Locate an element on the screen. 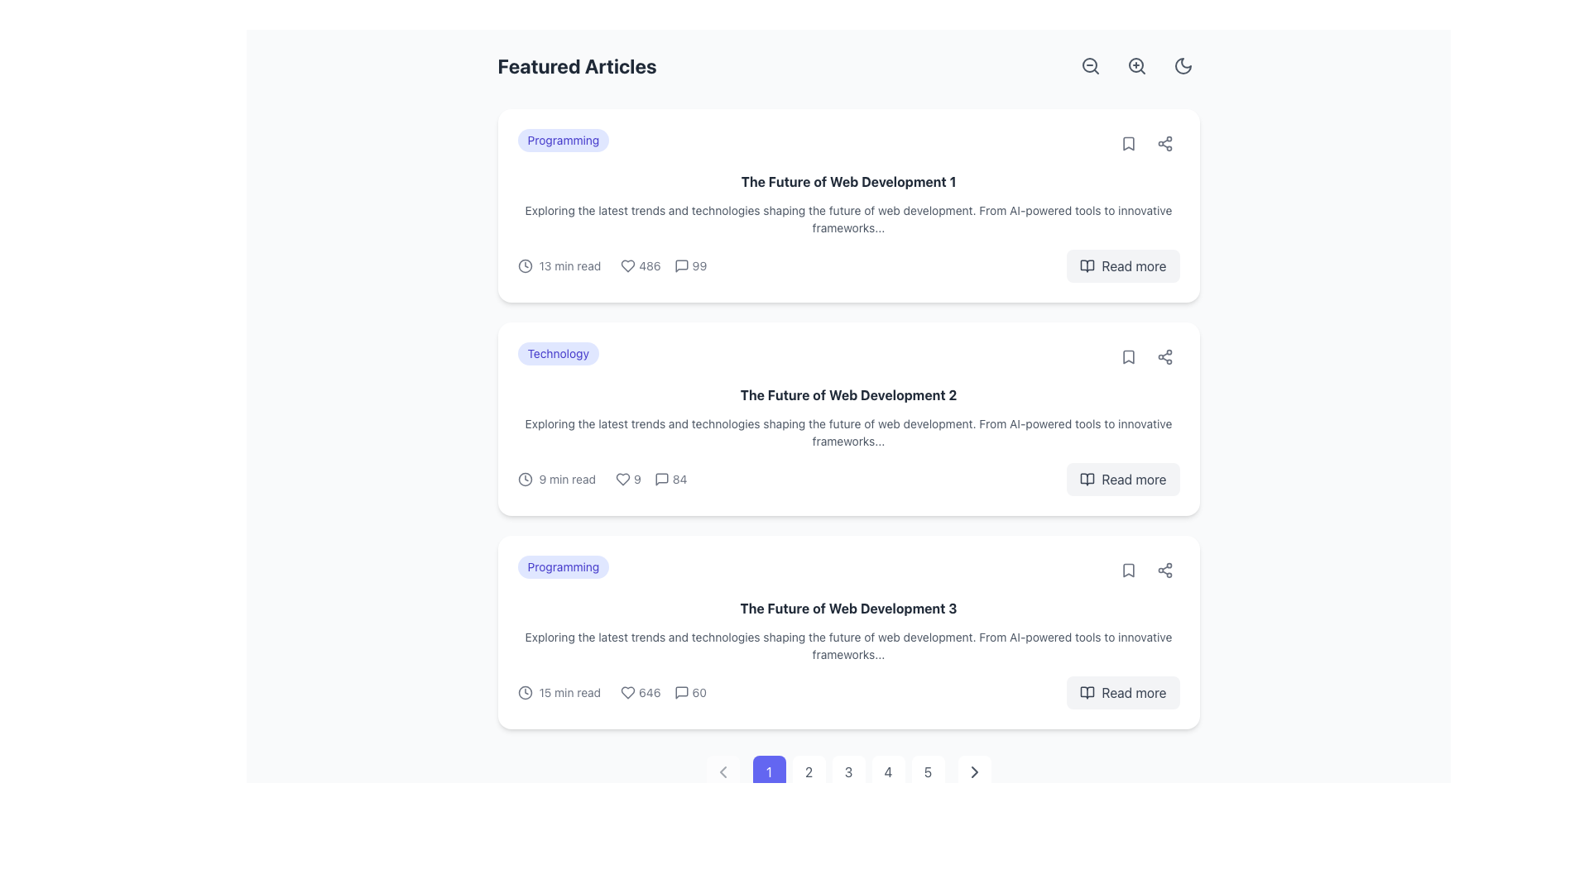  the left-pointing Chevron icon, which serves as the navigation control to move backward in the sequence of items or pages is located at coordinates (722, 771).